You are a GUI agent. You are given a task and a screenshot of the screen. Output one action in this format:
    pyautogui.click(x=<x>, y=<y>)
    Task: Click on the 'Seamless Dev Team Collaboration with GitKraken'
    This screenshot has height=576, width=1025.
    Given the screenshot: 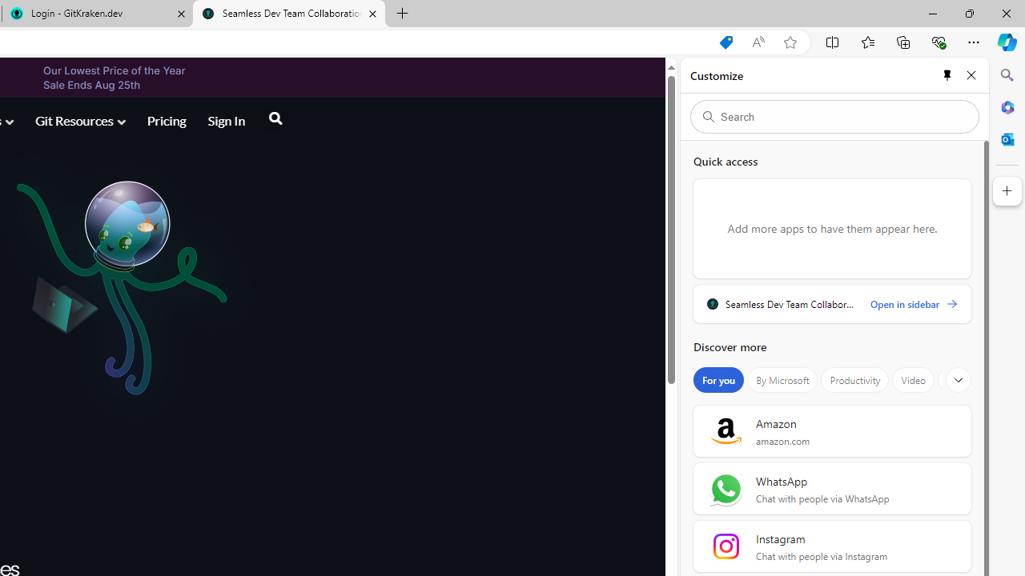 What is the action you would take?
    pyautogui.click(x=288, y=14)
    